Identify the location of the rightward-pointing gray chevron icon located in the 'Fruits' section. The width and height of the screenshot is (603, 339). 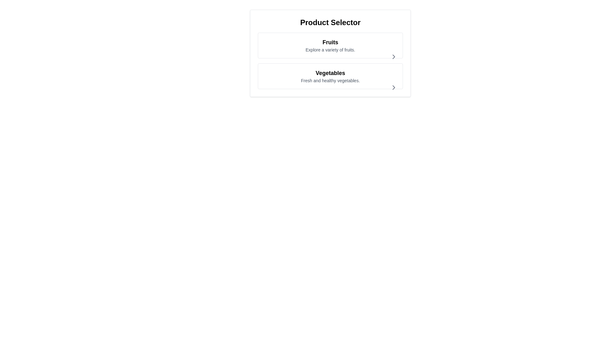
(393, 57).